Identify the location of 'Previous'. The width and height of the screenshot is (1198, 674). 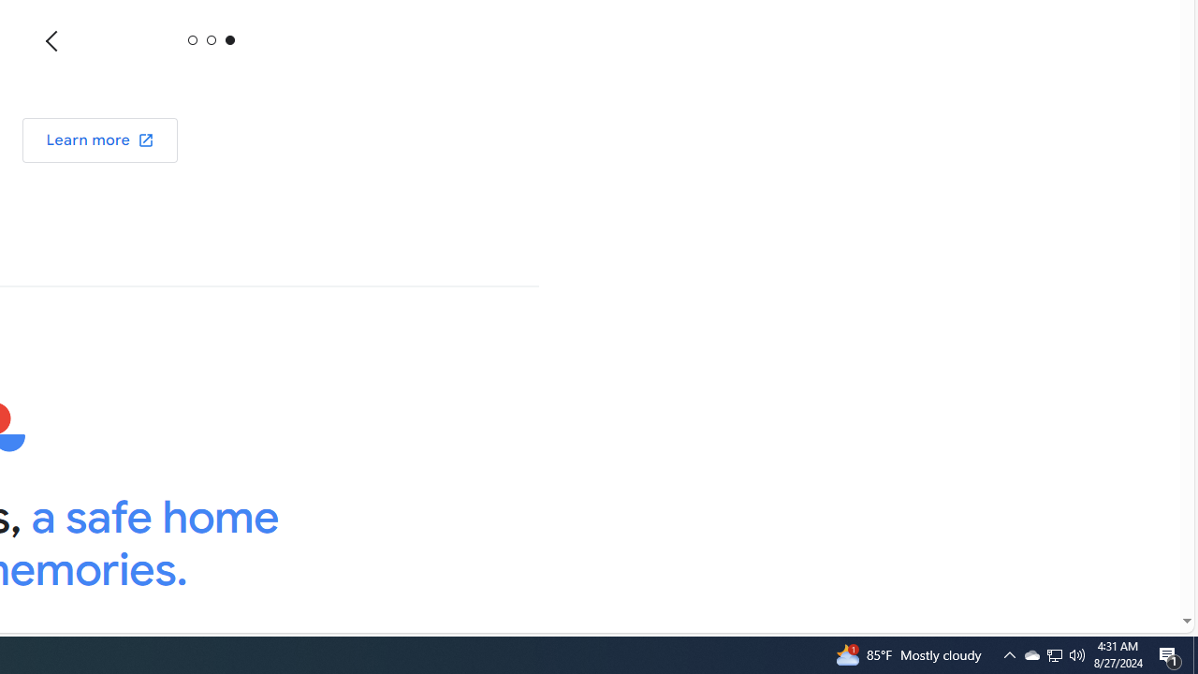
(52, 40).